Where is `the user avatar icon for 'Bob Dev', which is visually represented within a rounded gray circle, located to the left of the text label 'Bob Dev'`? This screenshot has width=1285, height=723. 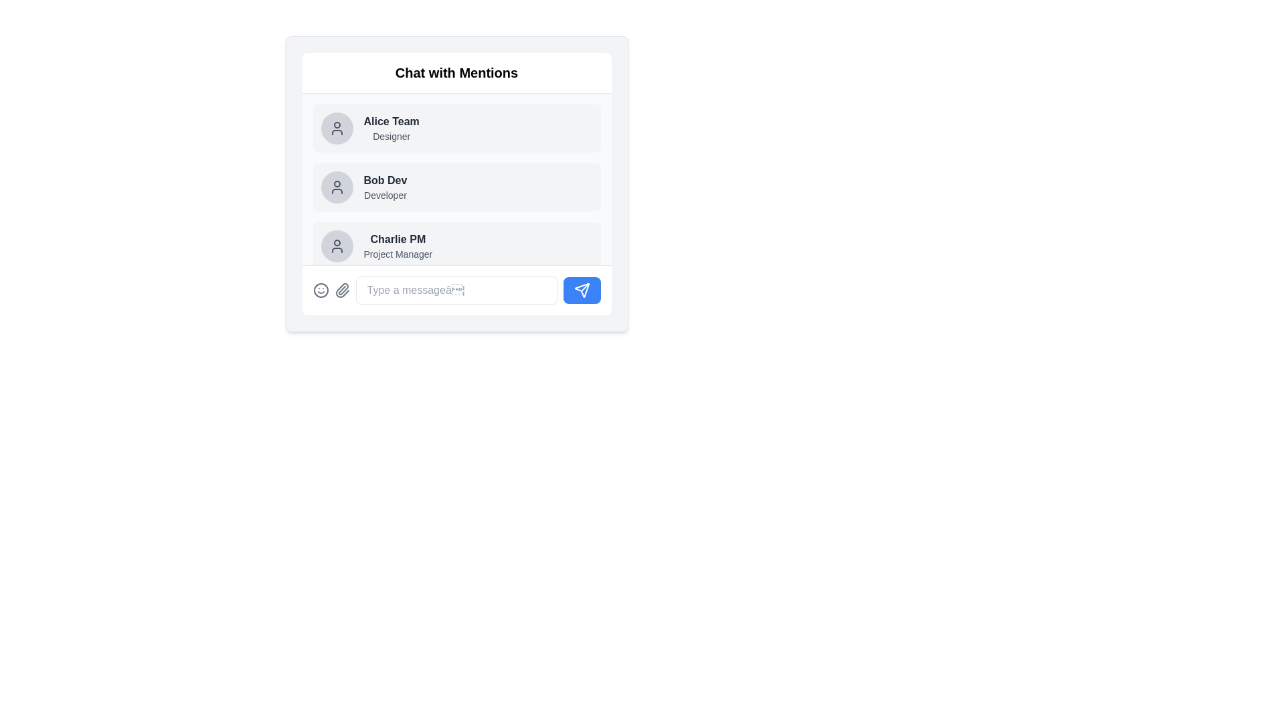
the user avatar icon for 'Bob Dev', which is visually represented within a rounded gray circle, located to the left of the text label 'Bob Dev' is located at coordinates (337, 187).